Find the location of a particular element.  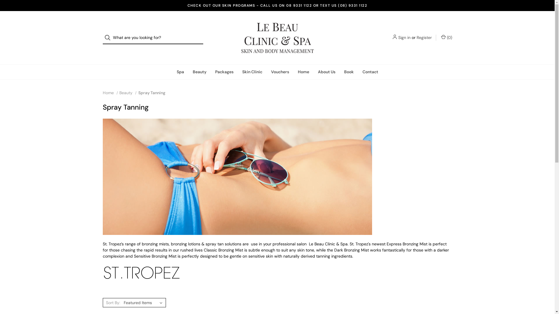

'Beauty' is located at coordinates (125, 92).